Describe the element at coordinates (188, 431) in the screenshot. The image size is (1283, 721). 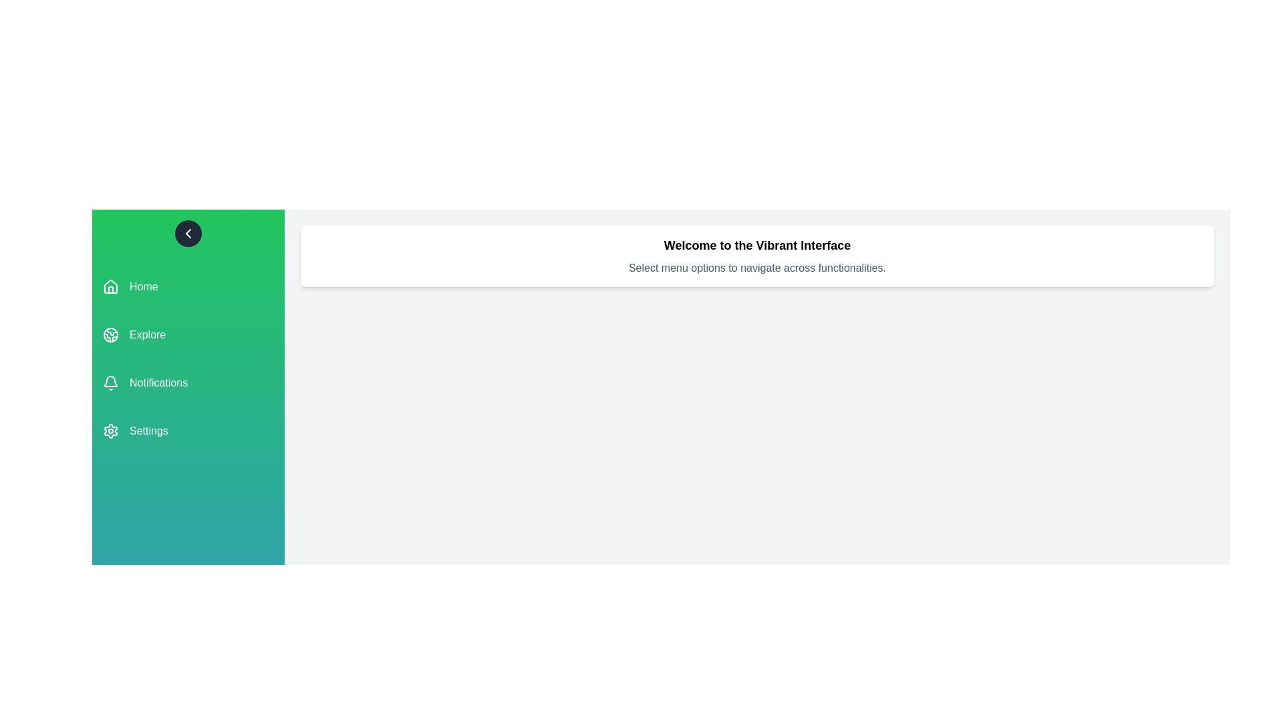
I see `the menu item Settings to navigate` at that location.